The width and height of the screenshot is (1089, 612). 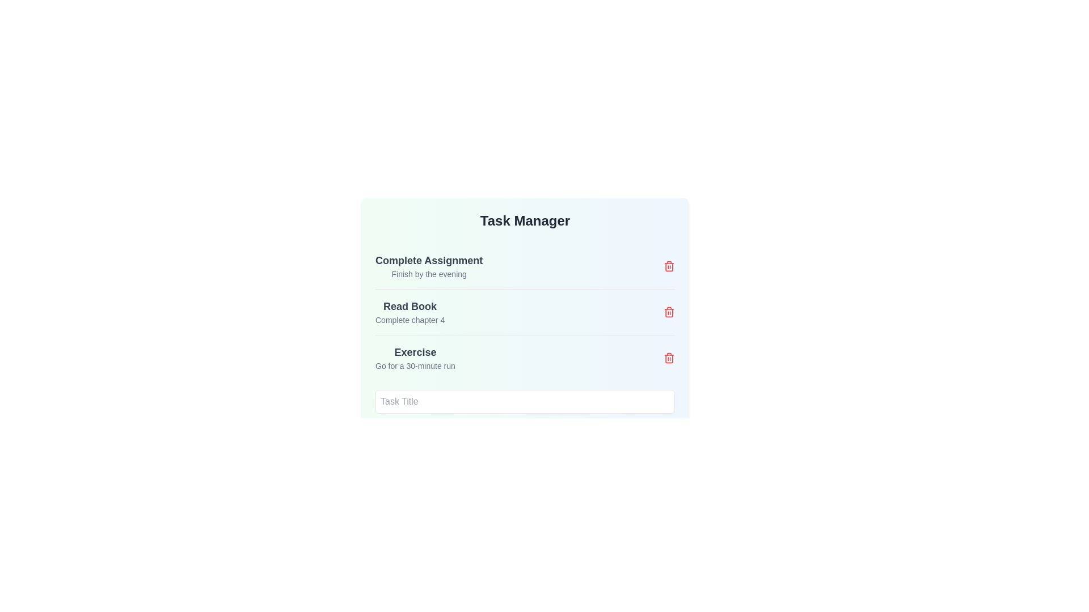 What do you see at coordinates (415, 365) in the screenshot?
I see `text label that displays 'Go for a 30-minute run', which is positioned directly below the 'Exercise' heading and is styled with a smaller gray font` at bounding box center [415, 365].